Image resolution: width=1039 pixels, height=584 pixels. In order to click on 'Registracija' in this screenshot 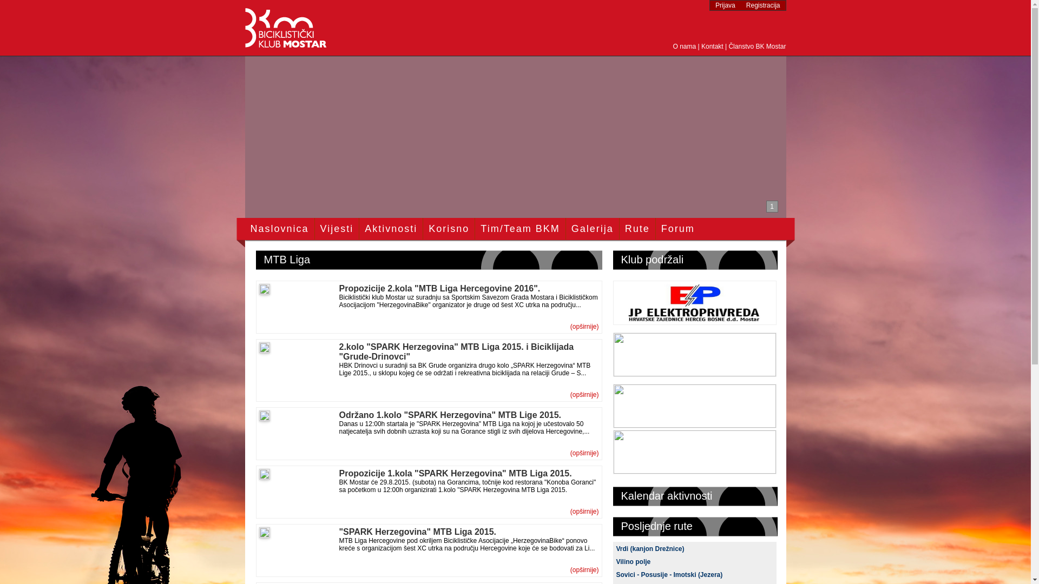, I will do `click(762, 5)`.